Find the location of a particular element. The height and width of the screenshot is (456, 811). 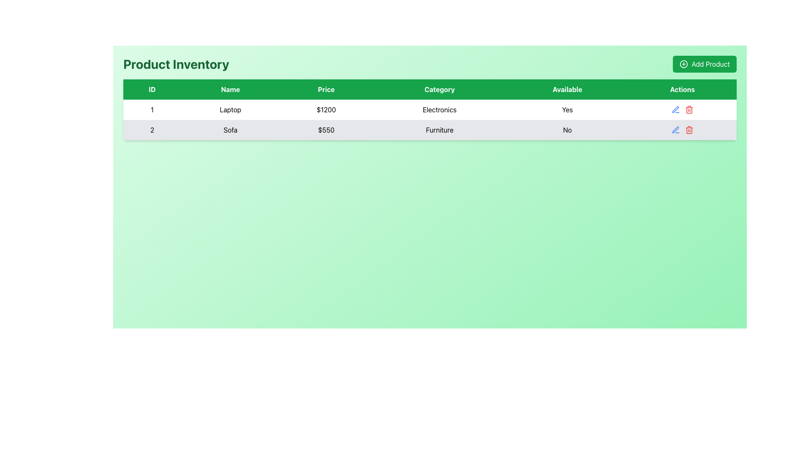

the circular button with a plus sign, which is part of the 'Add Product' button located in the top-right corner of the layout is located at coordinates (684, 63).